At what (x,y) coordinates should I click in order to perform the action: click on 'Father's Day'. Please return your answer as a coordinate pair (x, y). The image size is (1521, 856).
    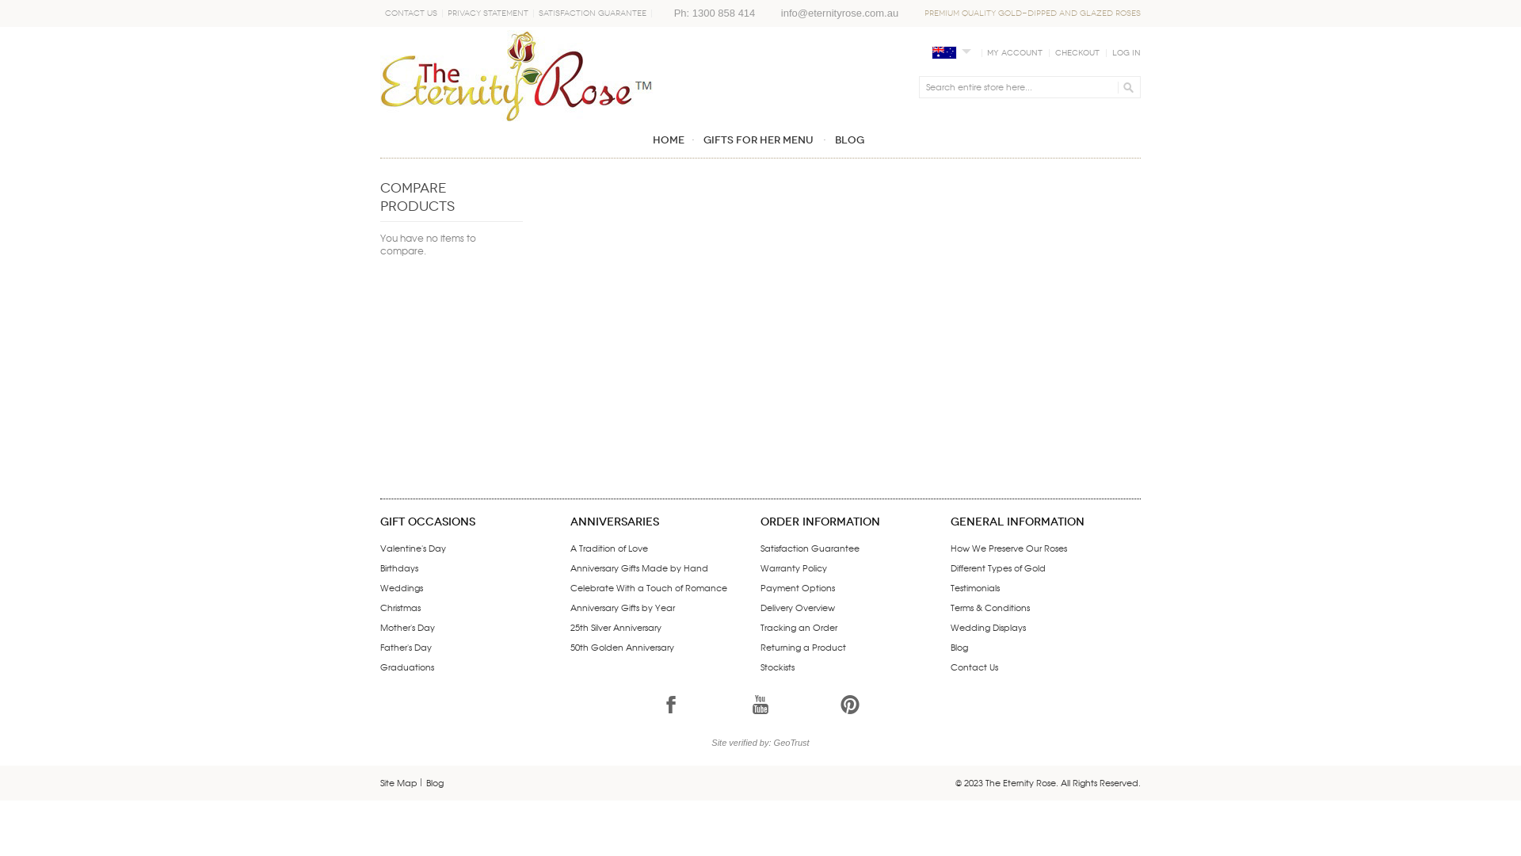
    Looking at the image, I should click on (406, 647).